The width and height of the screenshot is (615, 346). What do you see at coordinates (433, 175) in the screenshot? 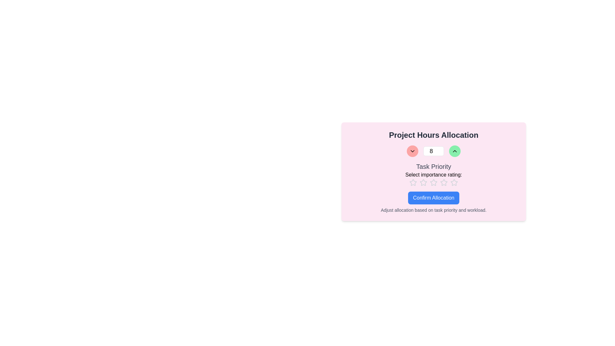
I see `the static text label displaying 'Select importance rating:', which is styled in medium-sized black font on a light pink background, located directly beneath 'Task Priority'` at bounding box center [433, 175].